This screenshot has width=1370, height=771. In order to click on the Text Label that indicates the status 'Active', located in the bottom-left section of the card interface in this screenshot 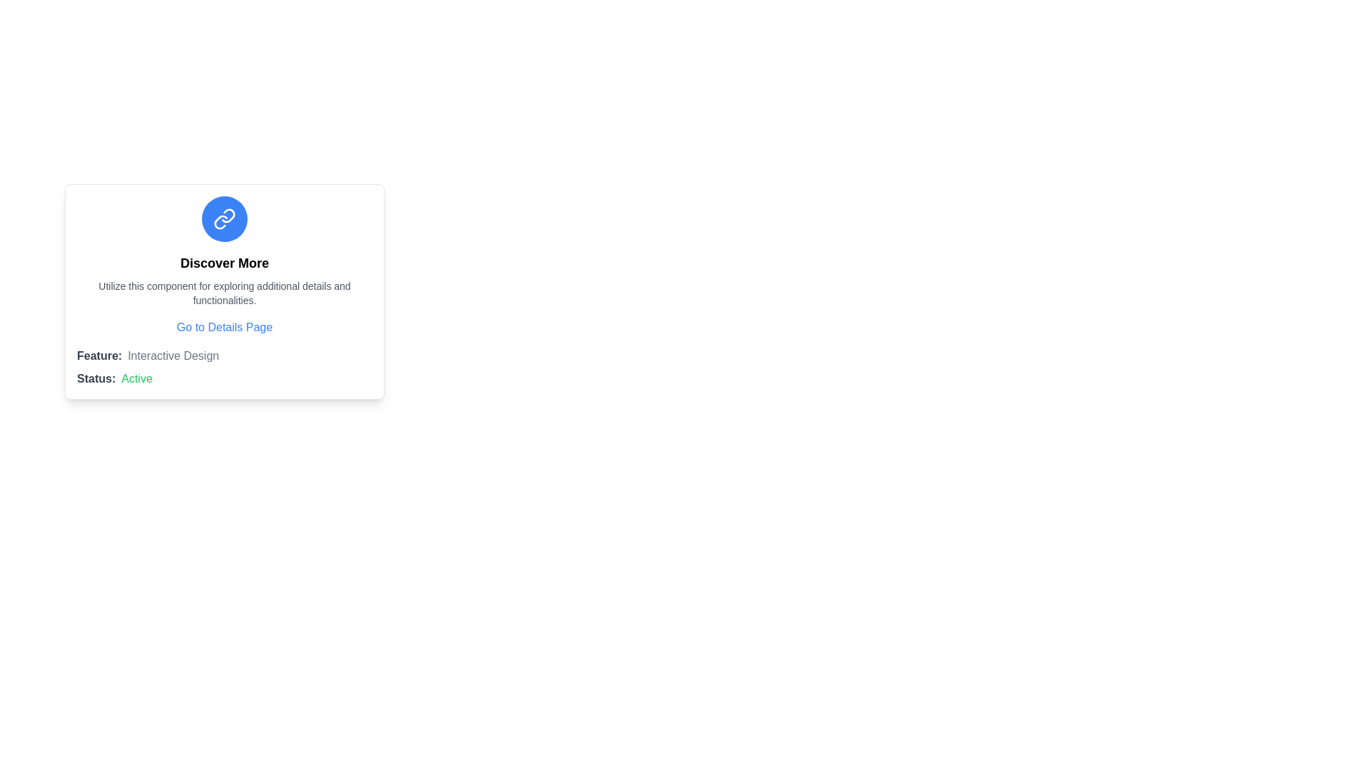, I will do `click(96, 378)`.